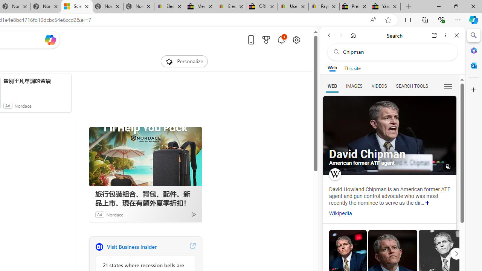 The height and width of the screenshot is (271, 482). Describe the element at coordinates (194, 214) in the screenshot. I see `'Ad Choice'` at that location.